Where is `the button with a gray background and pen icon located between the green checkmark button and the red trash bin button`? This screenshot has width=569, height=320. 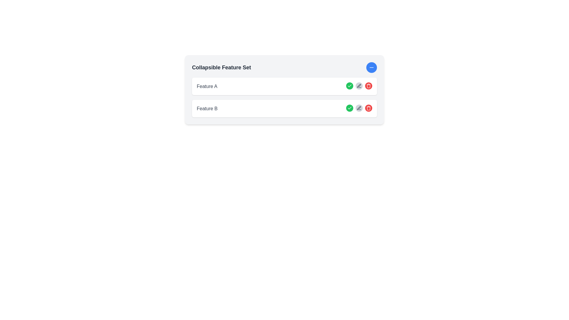 the button with a gray background and pen icon located between the green checkmark button and the red trash bin button is located at coordinates (359, 86).